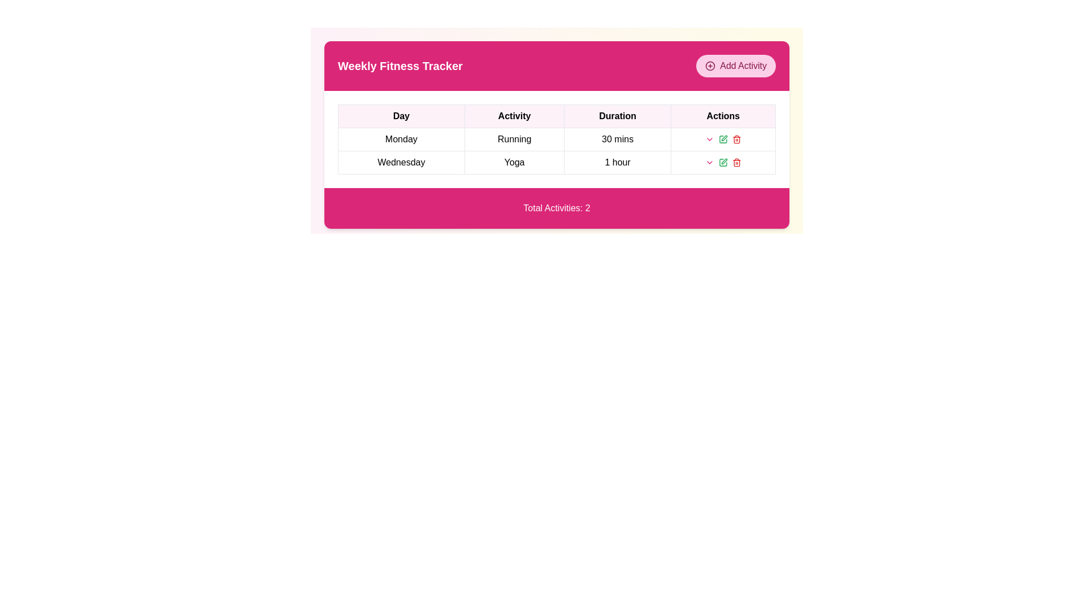 The image size is (1085, 610). I want to click on text label displaying 'Monday' located in the first column of the first row of the 'Weekly Fitness Tracker' component, so click(401, 138).